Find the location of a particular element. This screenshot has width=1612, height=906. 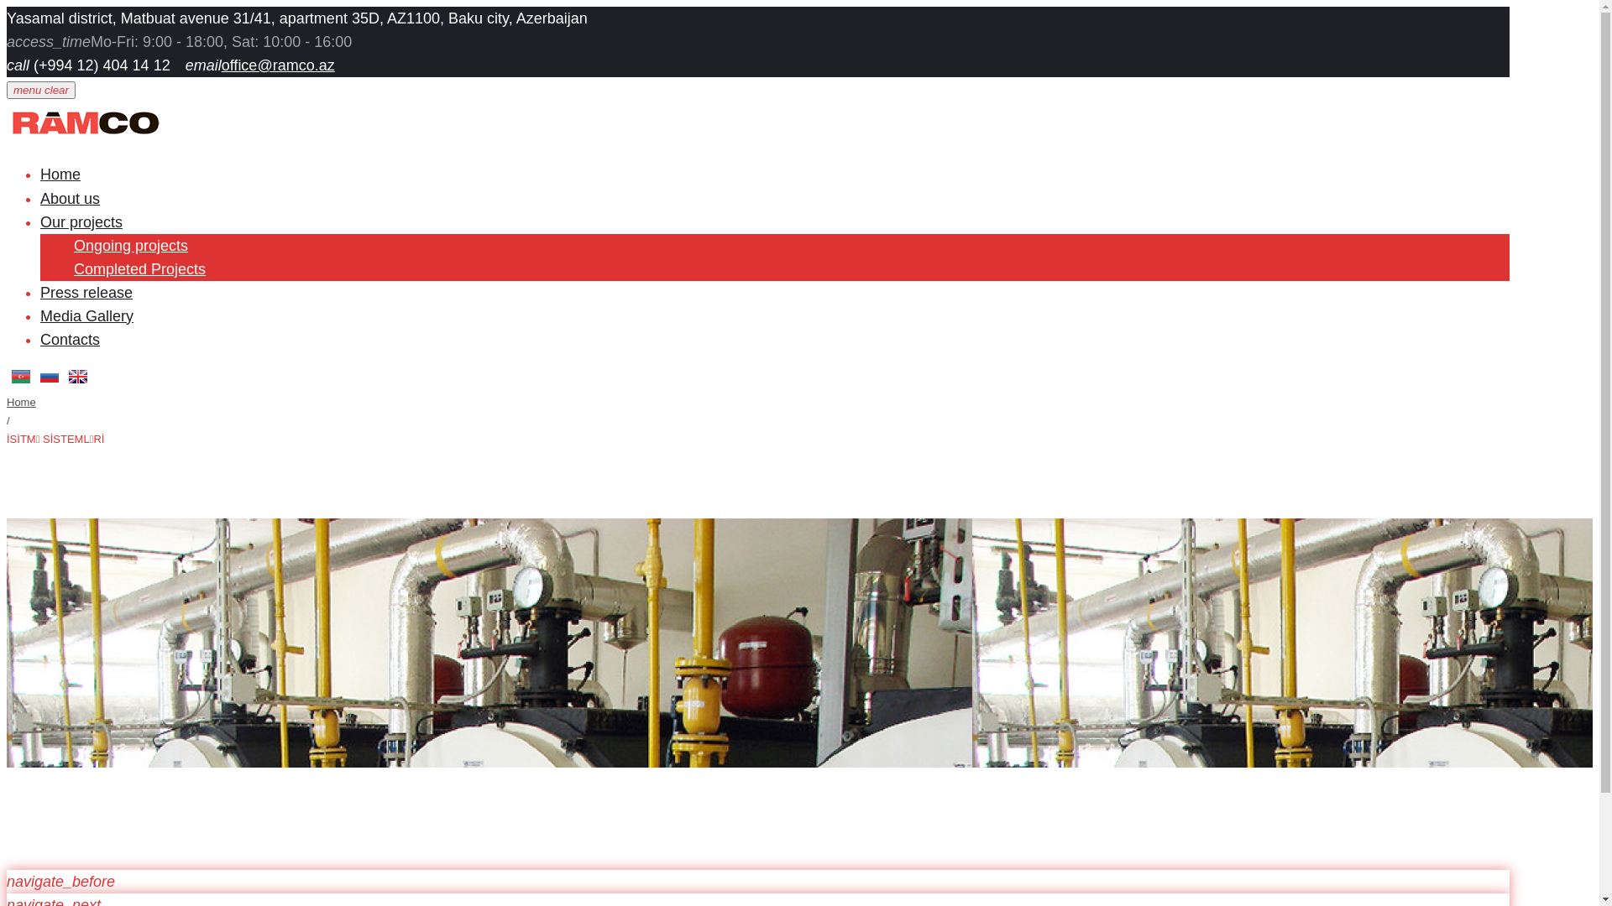

'Home' is located at coordinates (60, 174).